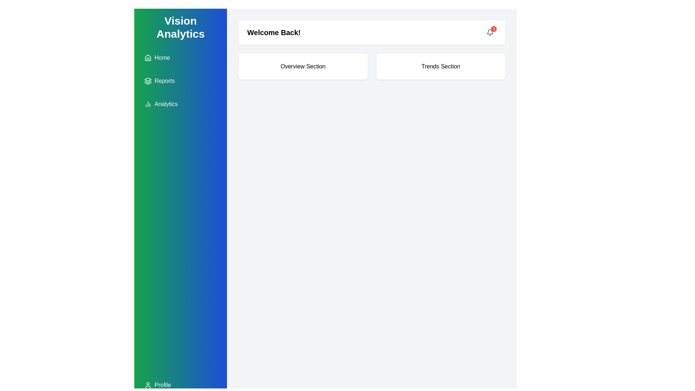 The width and height of the screenshot is (695, 391). Describe the element at coordinates (147, 385) in the screenshot. I see `the user profile icon located at the bottom of the left sidebar, next to the 'Profile' text, which allows access to personal settings or account information` at that location.